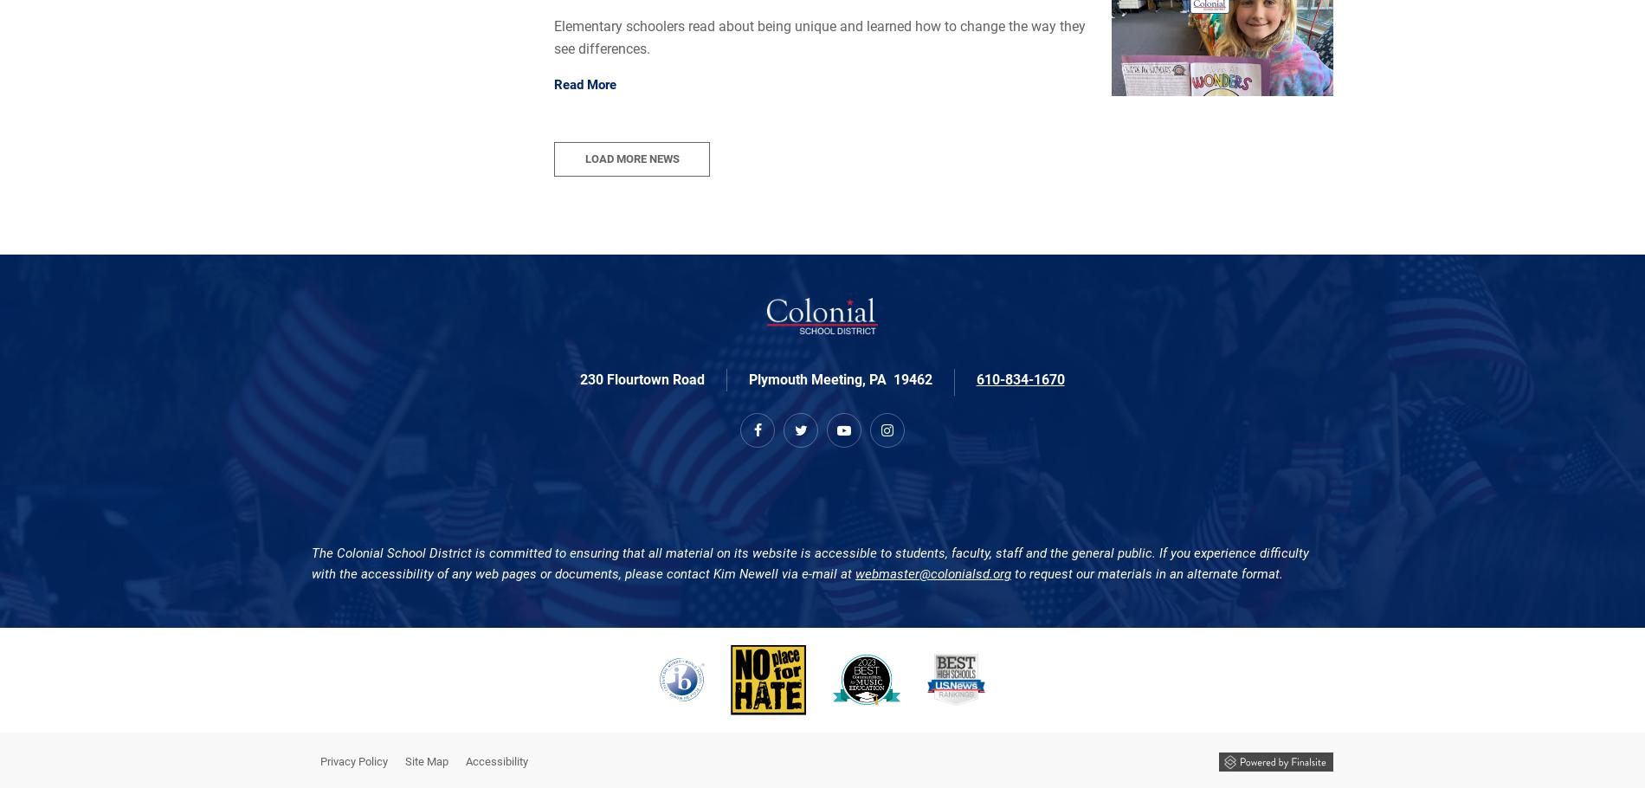 The image size is (1645, 788). Describe the element at coordinates (933, 572) in the screenshot. I see `'webmaster@colonialsd.org'` at that location.